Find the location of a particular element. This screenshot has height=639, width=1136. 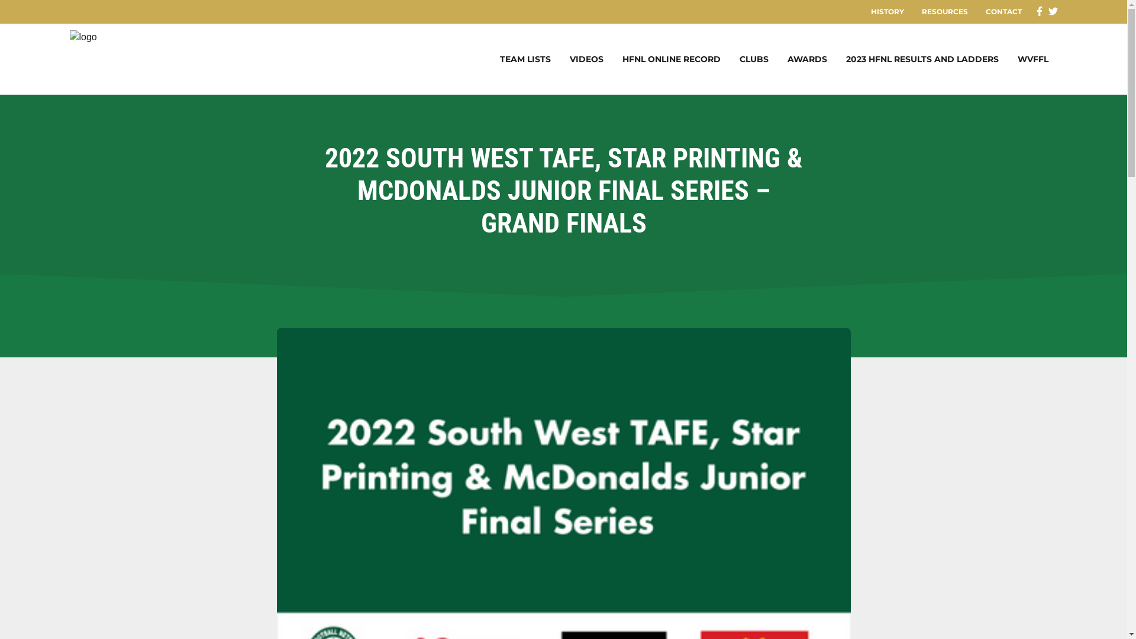

'CLUBS' is located at coordinates (753, 59).